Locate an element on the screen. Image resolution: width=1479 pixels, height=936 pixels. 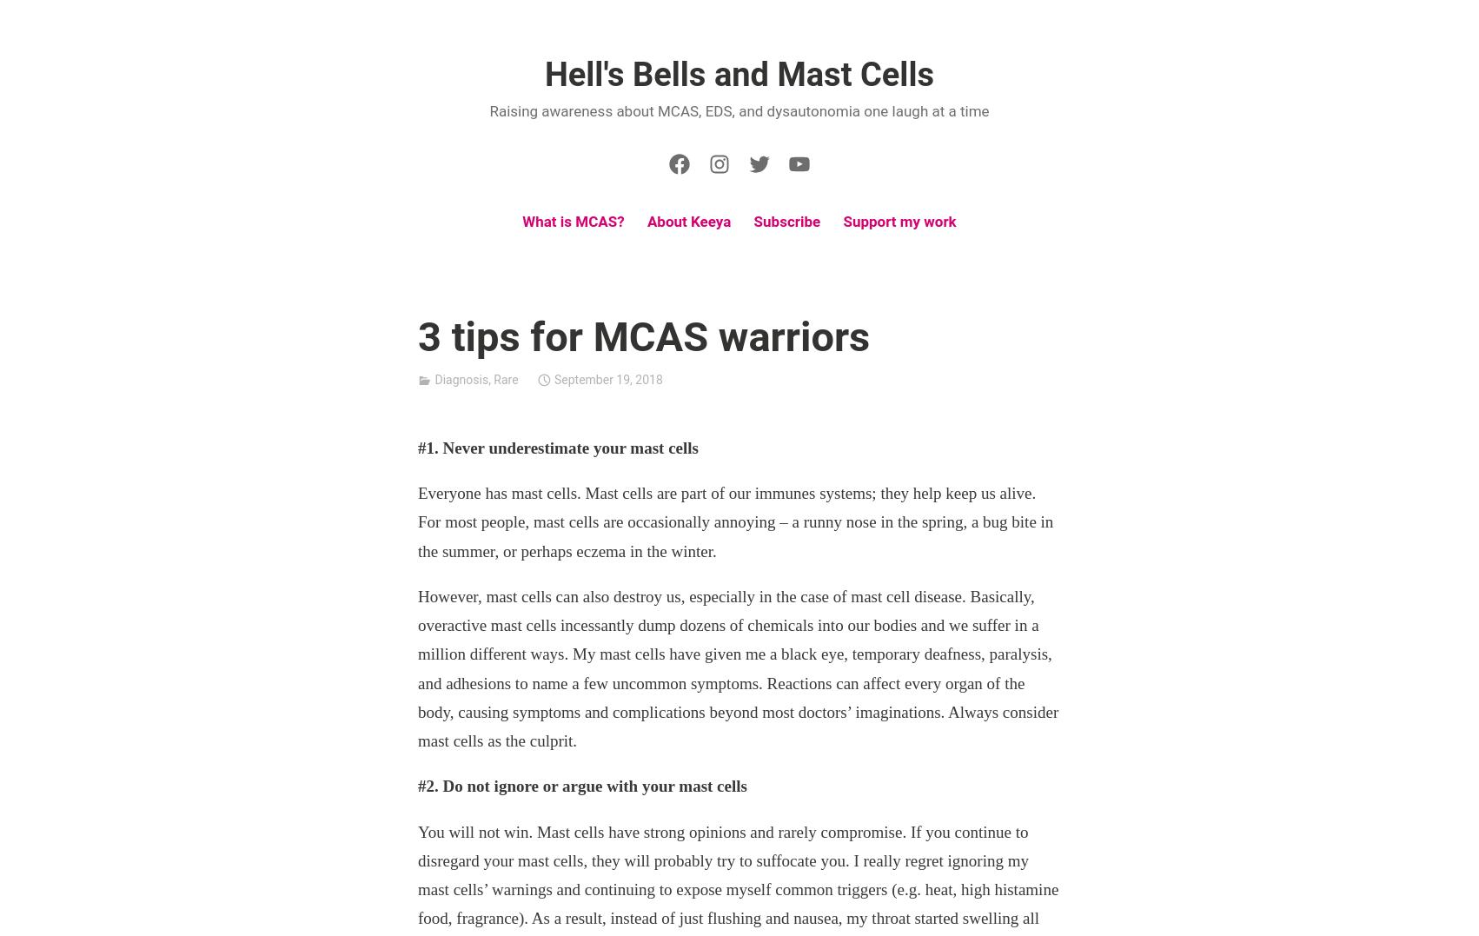
'#1. Never underestimate your mast cells' is located at coordinates (557, 446).